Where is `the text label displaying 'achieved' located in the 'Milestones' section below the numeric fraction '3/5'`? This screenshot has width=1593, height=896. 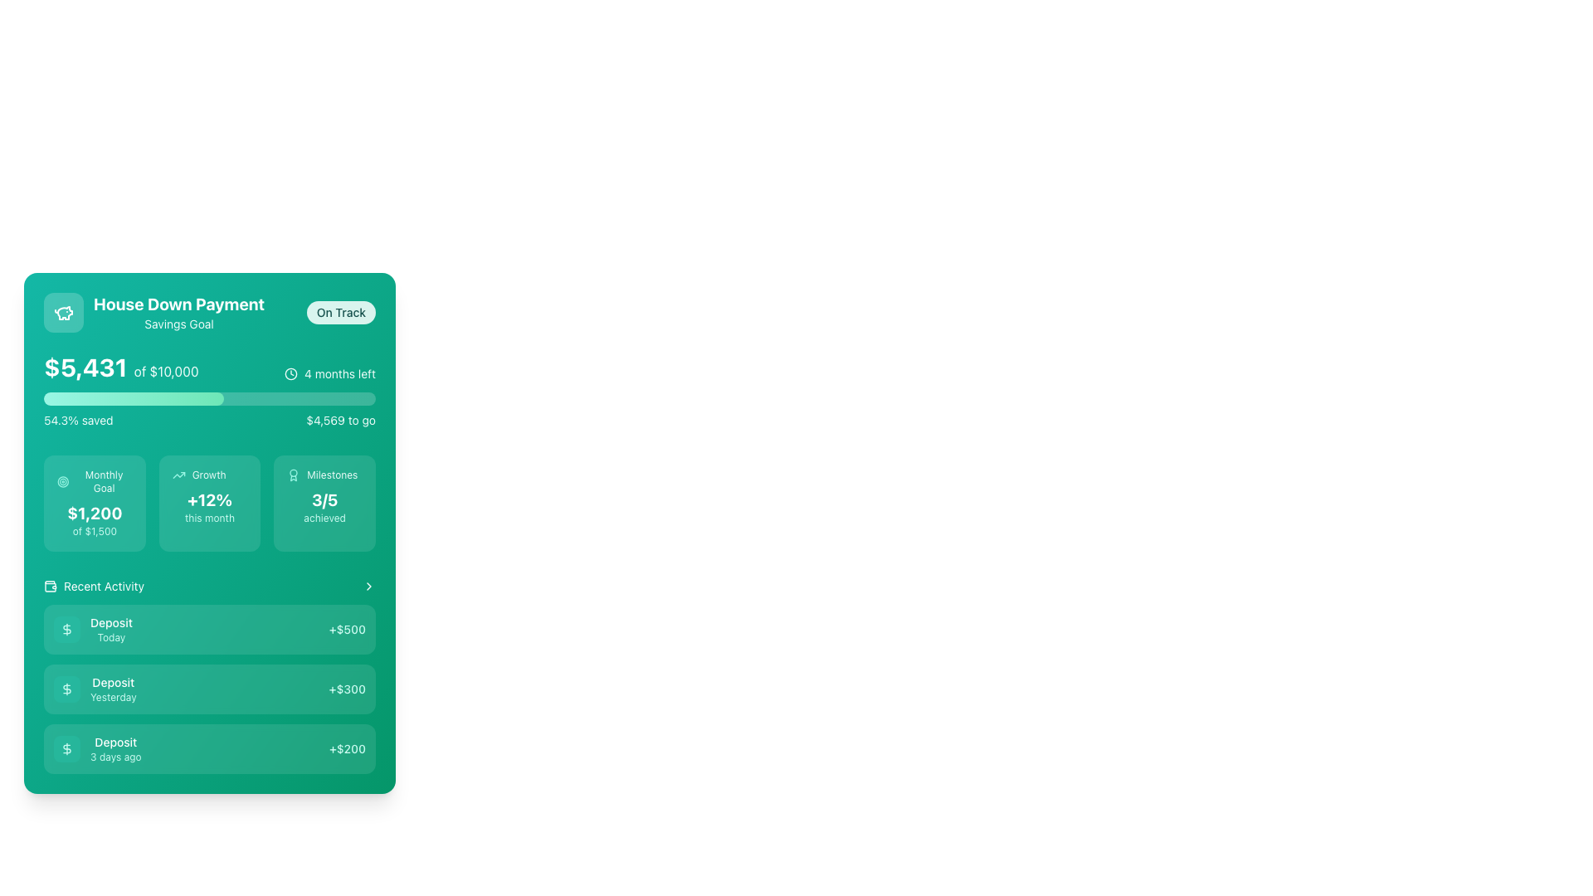 the text label displaying 'achieved' located in the 'Milestones' section below the numeric fraction '3/5' is located at coordinates (324, 517).